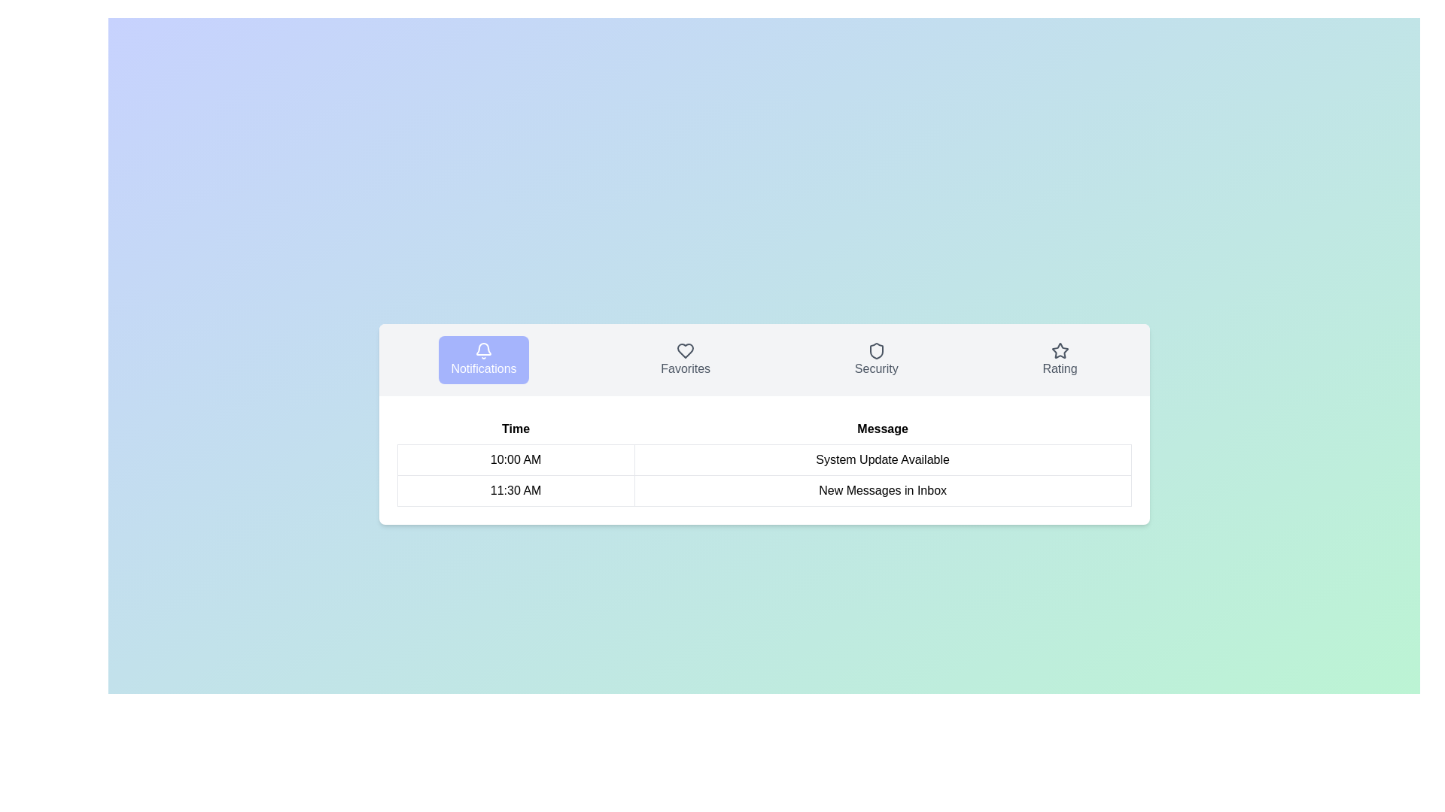 The image size is (1445, 812). I want to click on time stamp and brief description of the notification event displayed in the first row of the table under the 'Notifications' section, so click(764, 459).